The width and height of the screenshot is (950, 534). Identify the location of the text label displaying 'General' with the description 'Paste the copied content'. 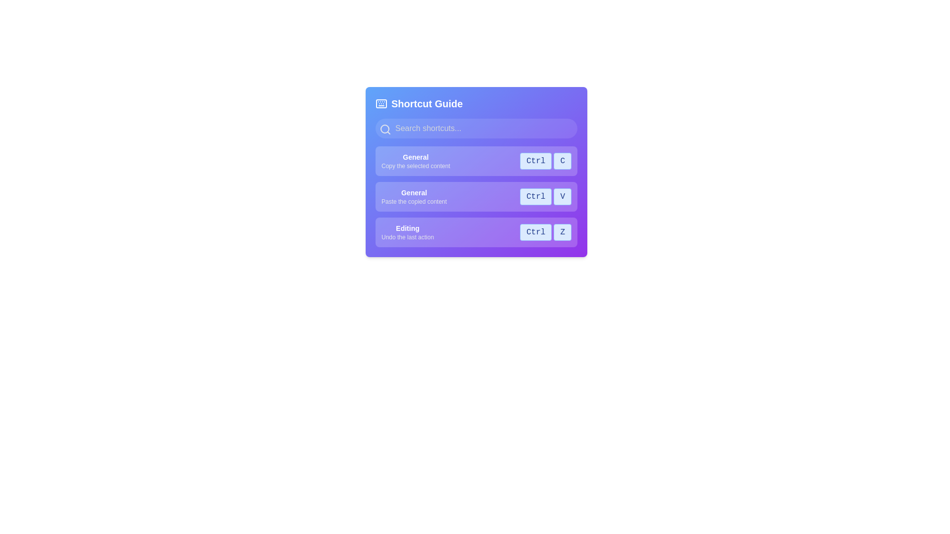
(414, 196).